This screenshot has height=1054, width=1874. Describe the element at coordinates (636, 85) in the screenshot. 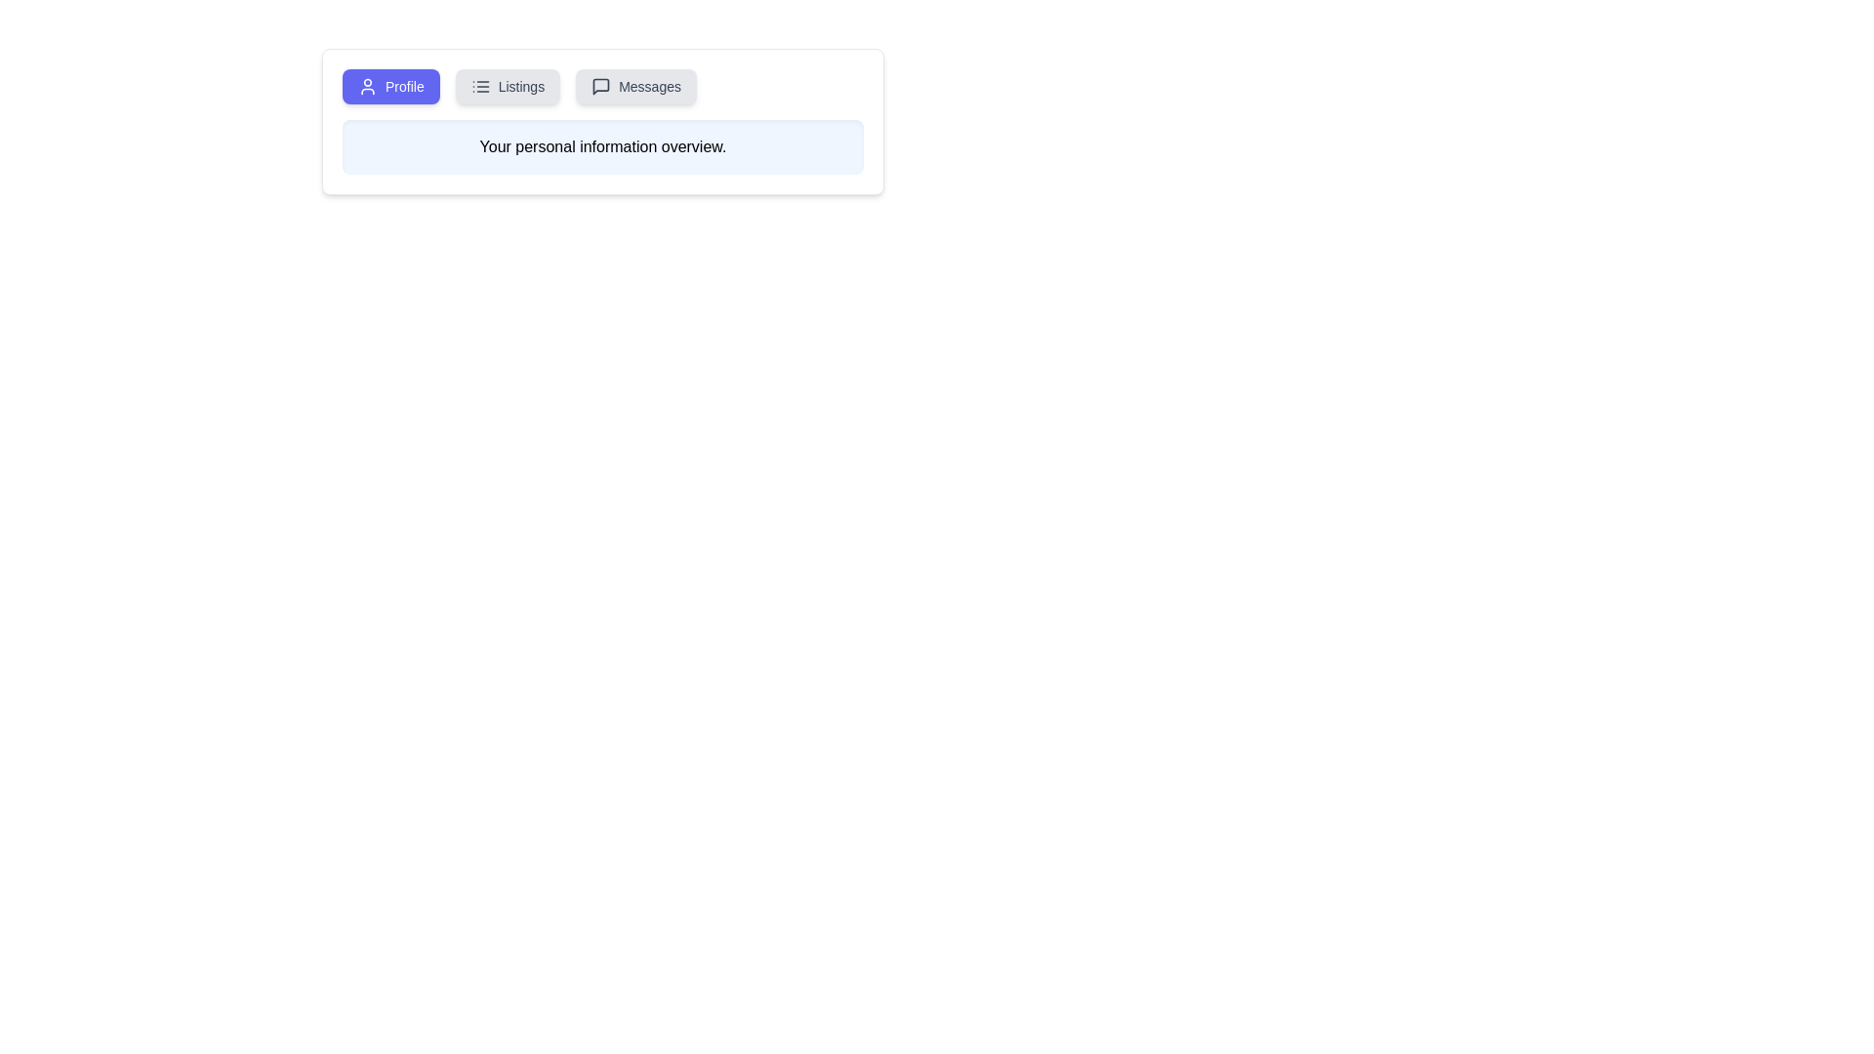

I see `the tab labeled Messages to observe its hover state effect` at that location.